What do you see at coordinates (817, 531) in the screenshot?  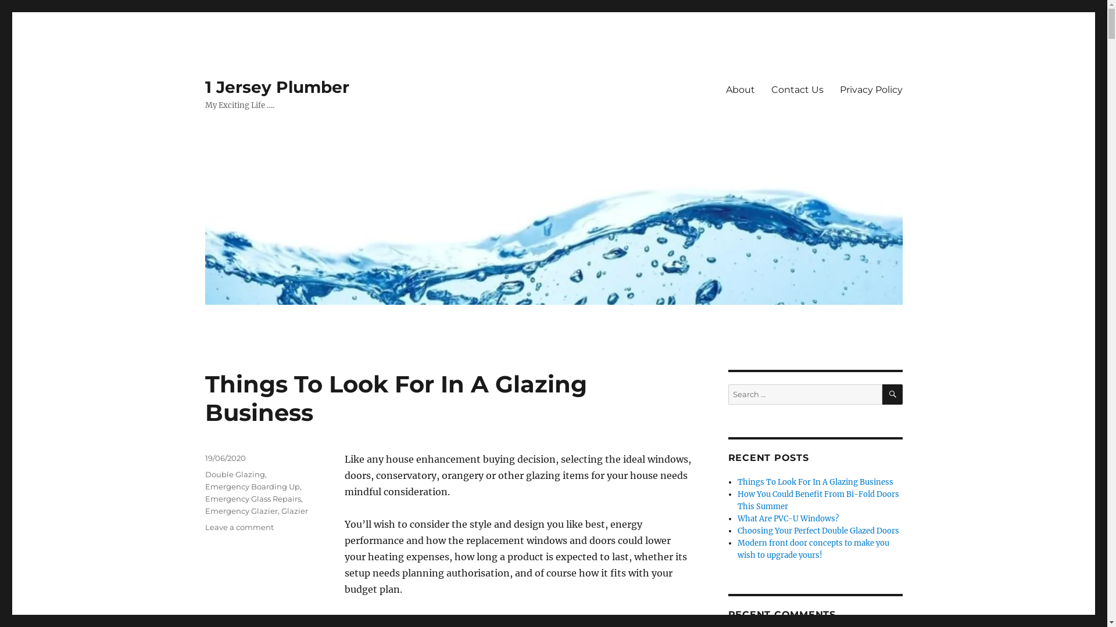 I see `'Choosing Your Perfect Double Glazed Doors'` at bounding box center [817, 531].